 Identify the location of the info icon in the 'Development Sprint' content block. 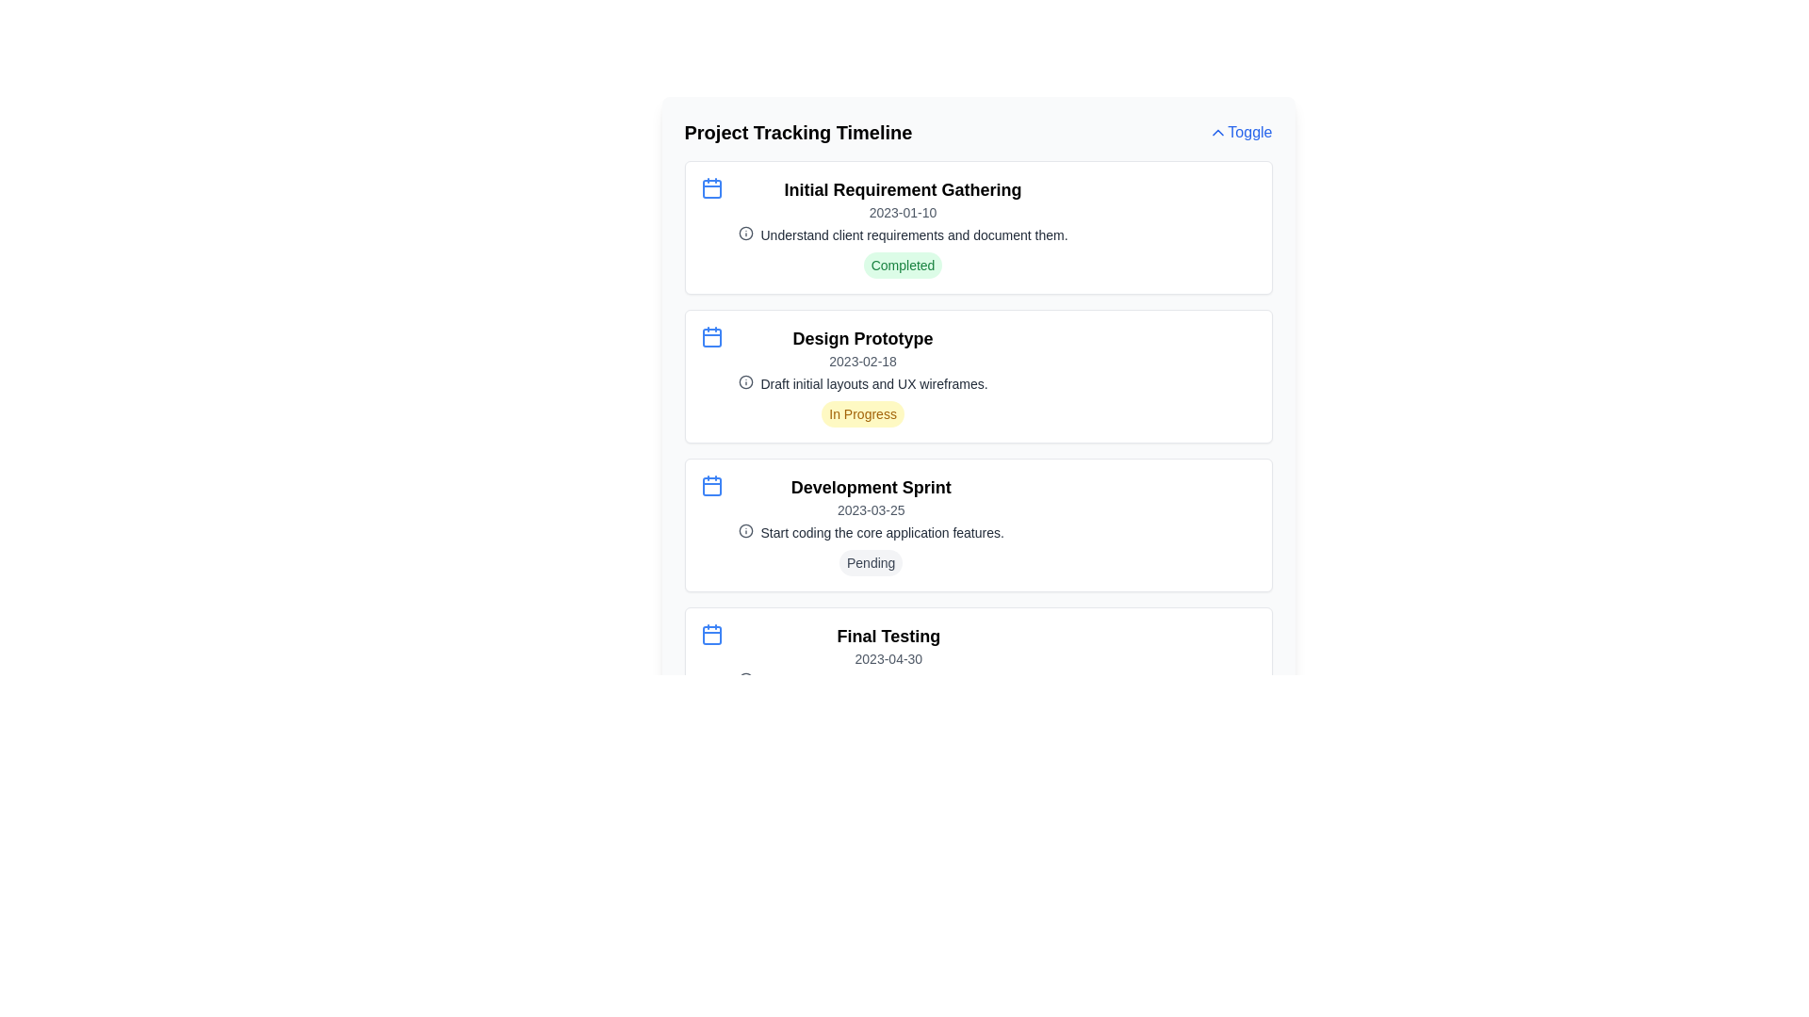
(870, 525).